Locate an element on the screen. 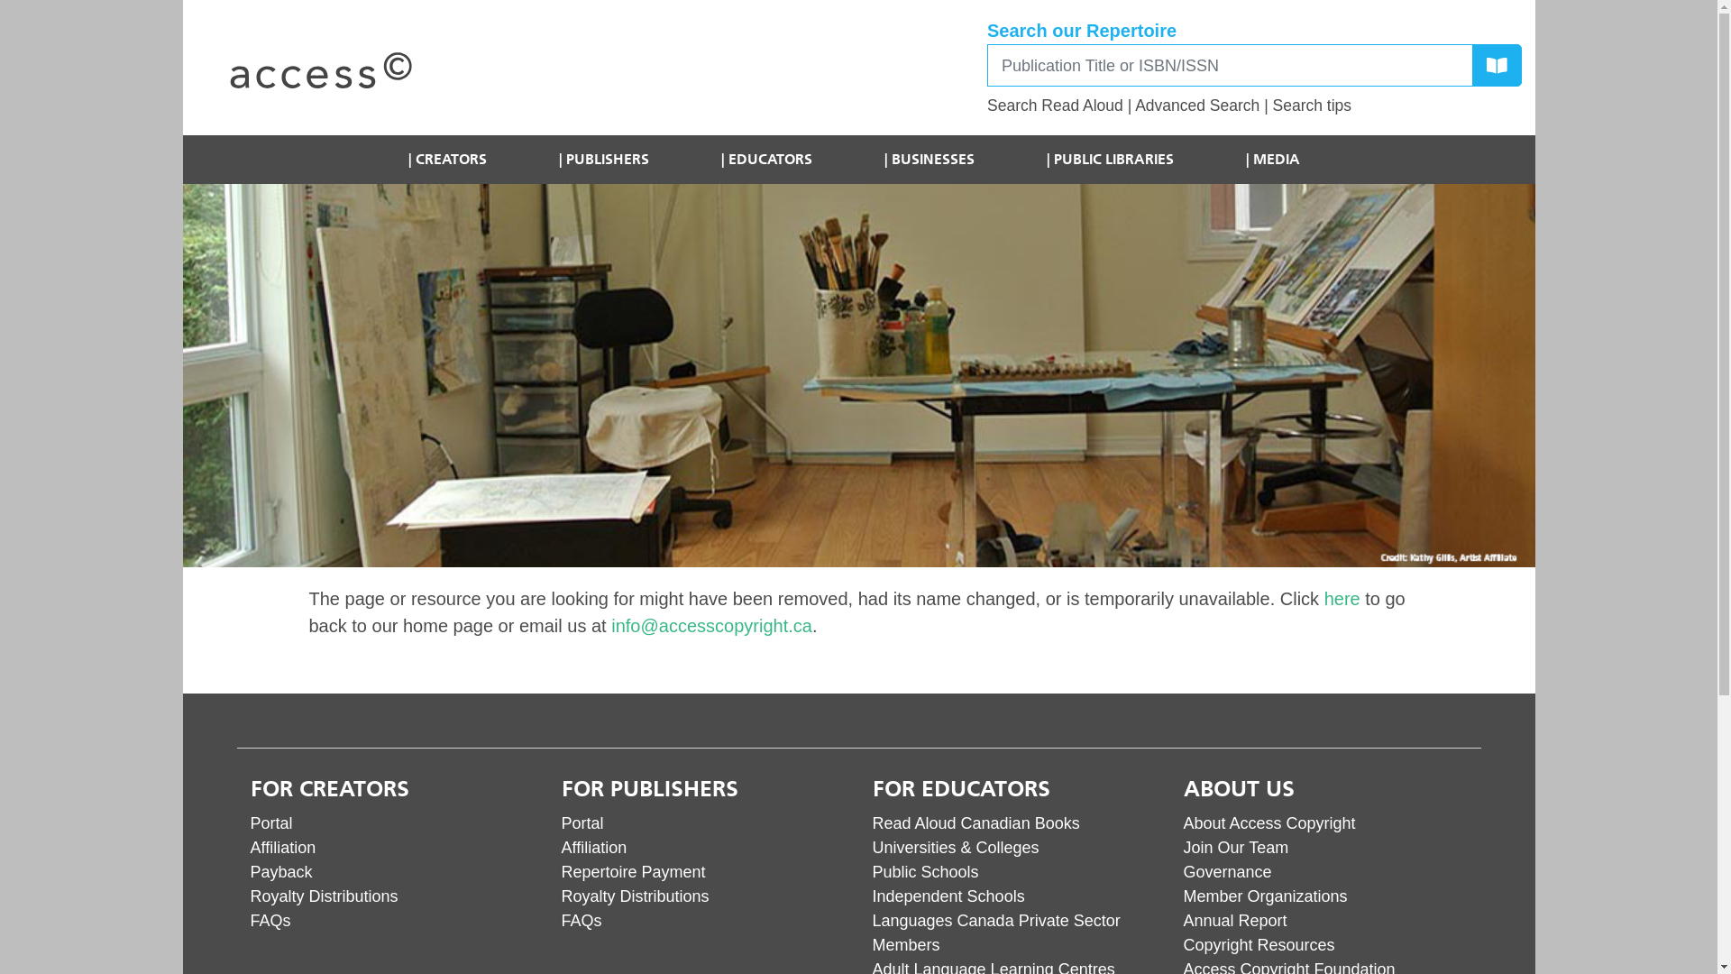 This screenshot has height=974, width=1731. 'Royalty Distributions' is located at coordinates (250, 896).